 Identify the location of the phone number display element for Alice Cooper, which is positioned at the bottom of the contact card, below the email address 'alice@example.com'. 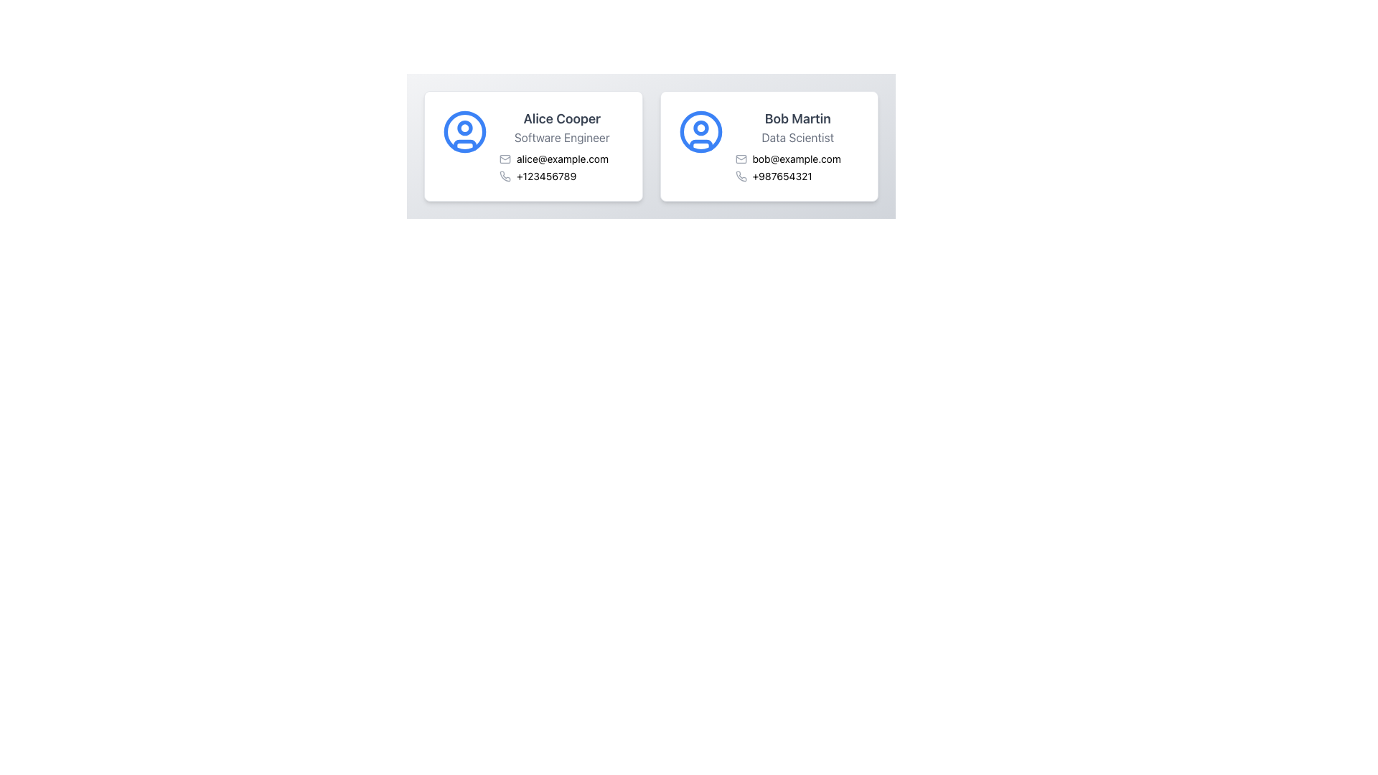
(561, 176).